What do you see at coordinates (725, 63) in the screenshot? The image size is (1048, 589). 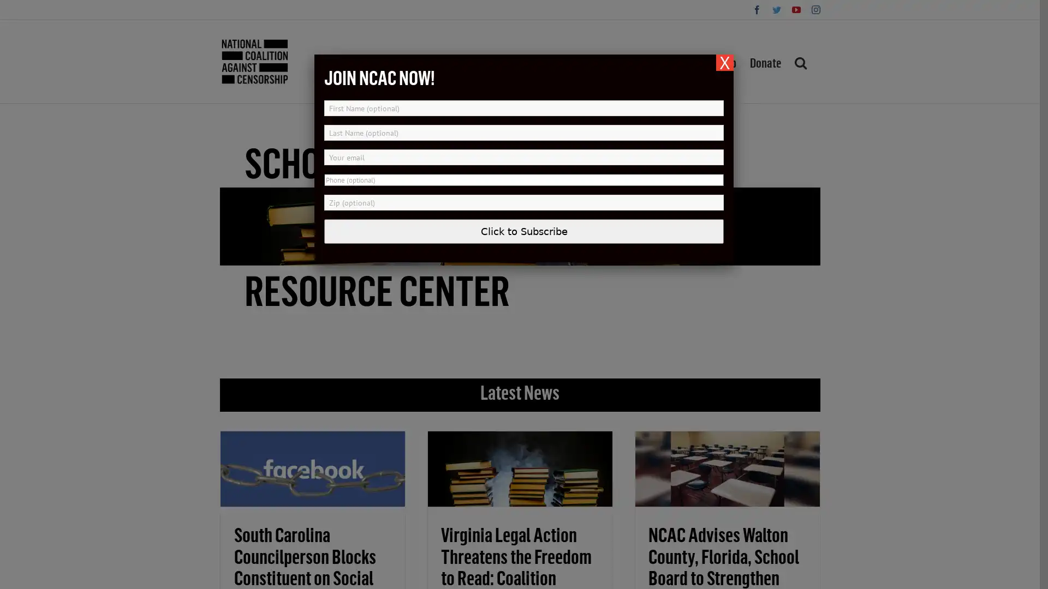 I see `Close` at bounding box center [725, 63].